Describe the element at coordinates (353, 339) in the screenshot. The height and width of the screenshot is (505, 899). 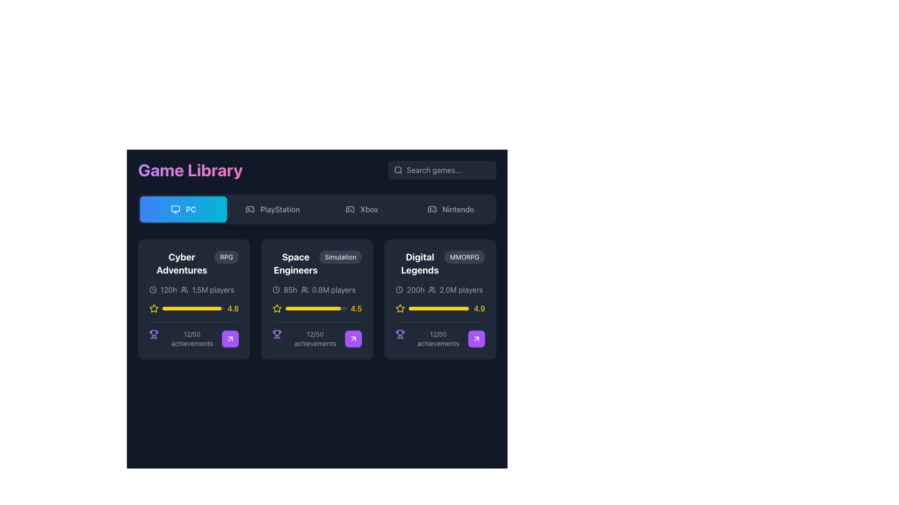
I see `the arrow icon button with a purple background located at the bottom-right corner of the 'Digital Legends' card` at that location.